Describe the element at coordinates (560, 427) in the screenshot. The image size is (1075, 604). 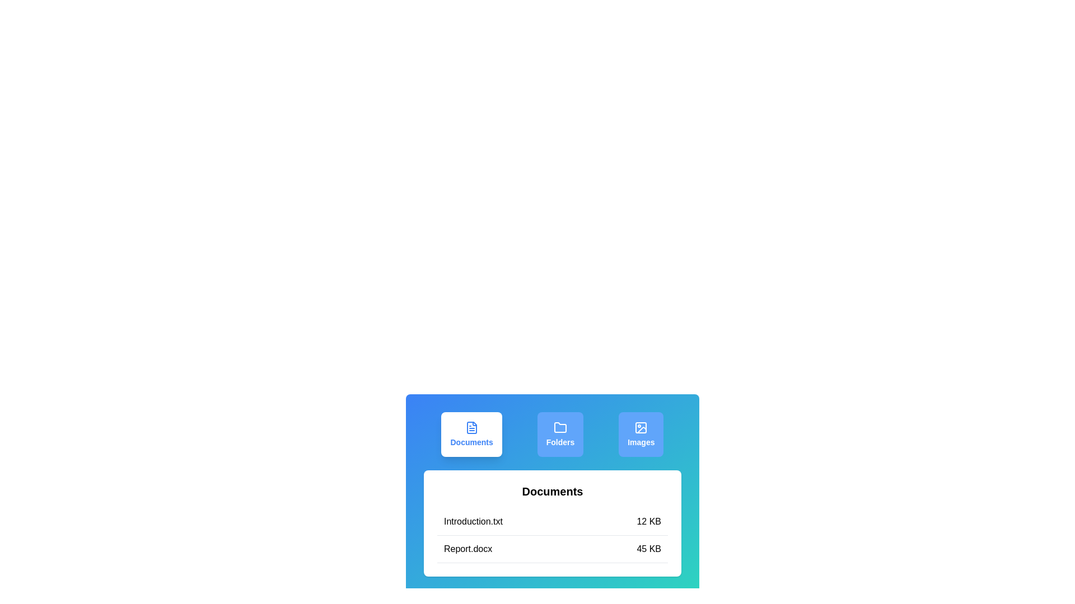
I see `the folder icon within the 'Folders' button` at that location.